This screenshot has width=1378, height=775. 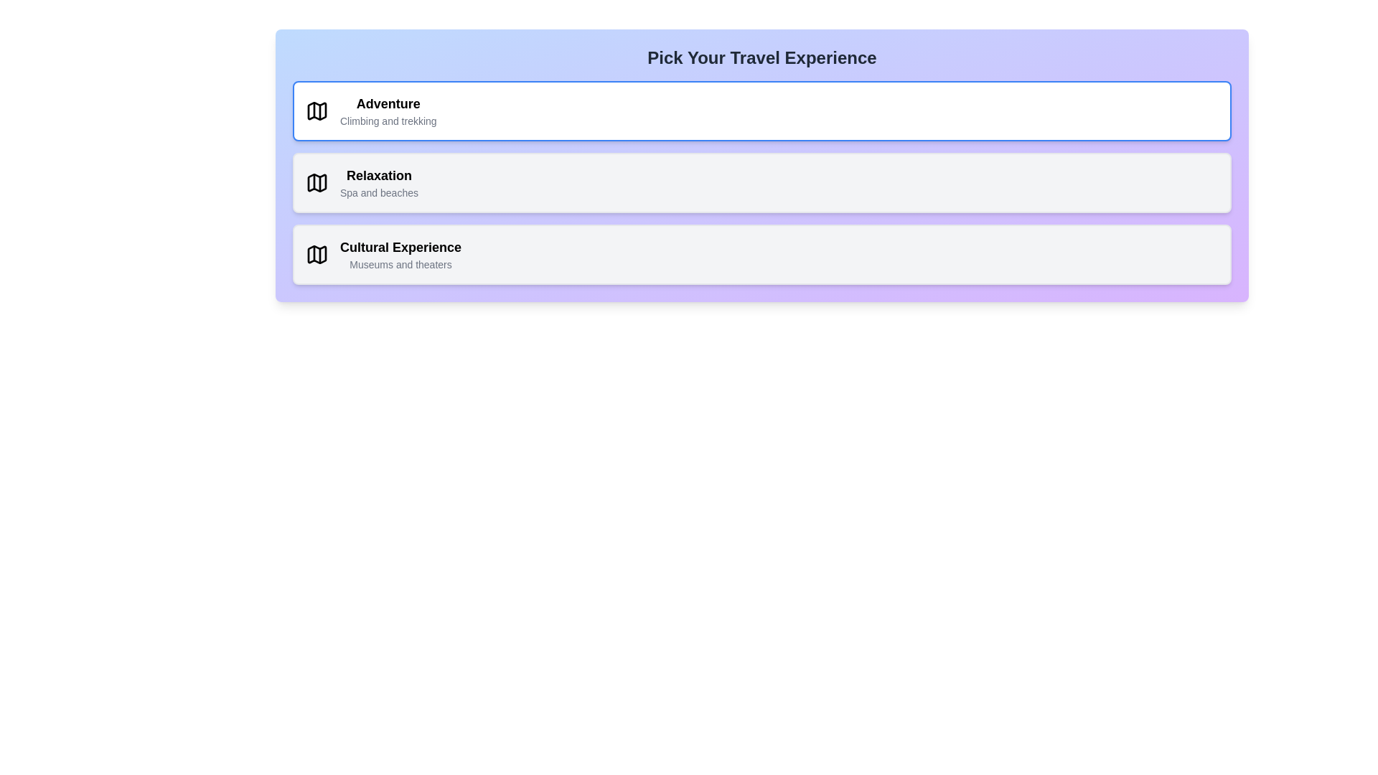 What do you see at coordinates (379, 182) in the screenshot?
I see `the 'Relaxation' card, which features bold text and is the second option in a vertical list` at bounding box center [379, 182].